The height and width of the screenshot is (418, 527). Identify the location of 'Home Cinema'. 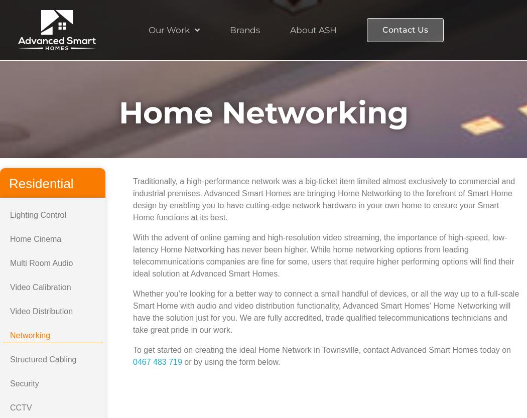
(35, 239).